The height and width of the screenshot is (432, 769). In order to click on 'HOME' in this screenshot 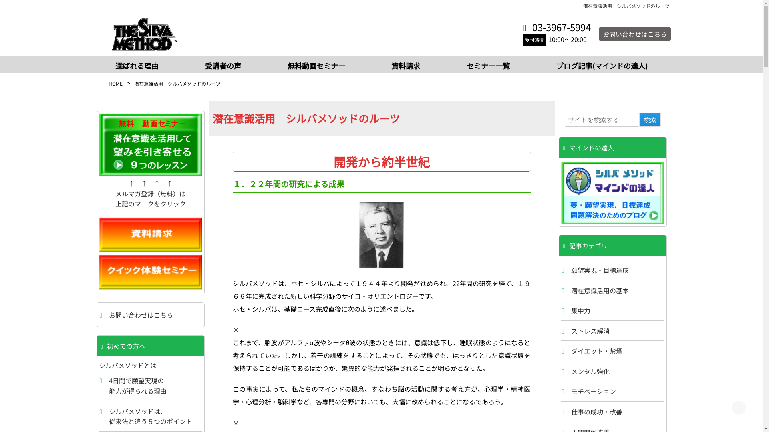, I will do `click(115, 83)`.